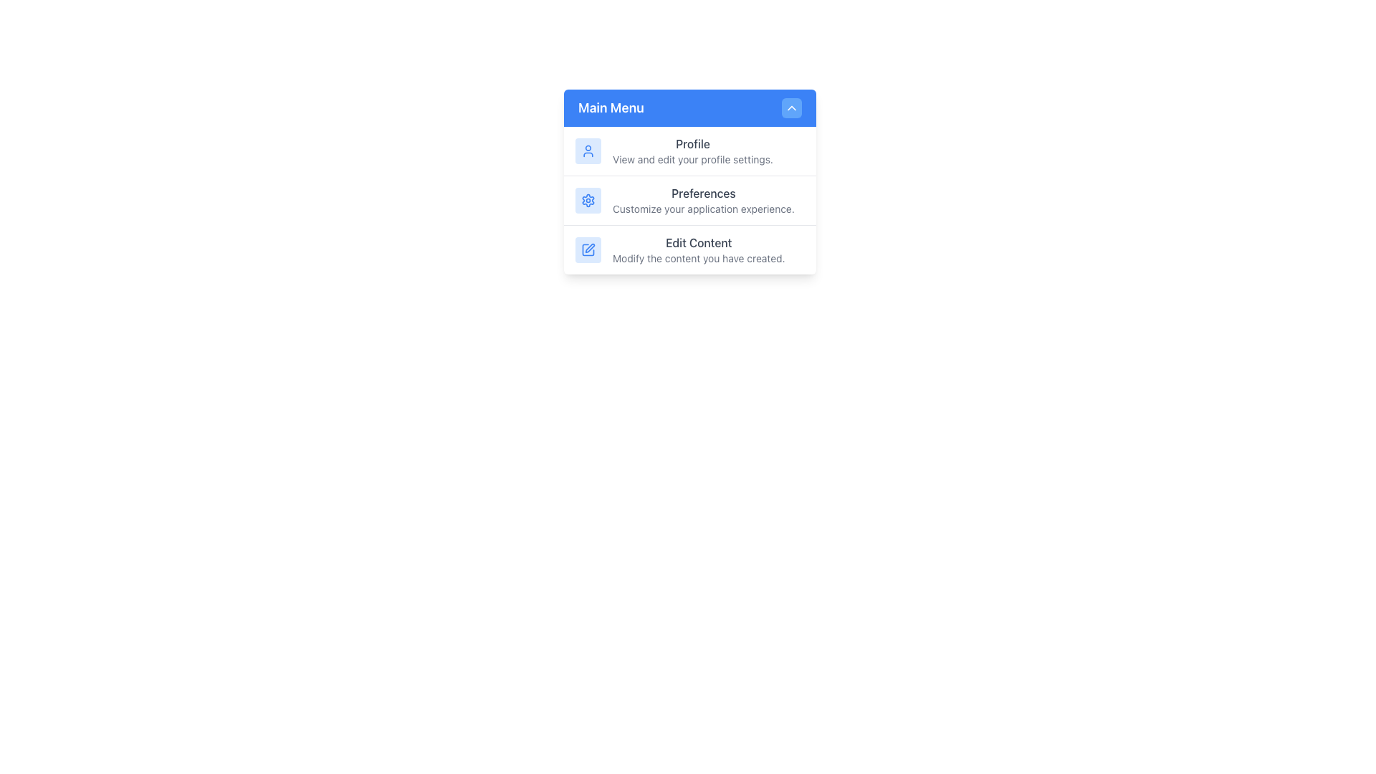 This screenshot has height=774, width=1376. I want to click on the gear-like icon with a blue outline in the 'Preferences' section of the menu, so click(588, 201).